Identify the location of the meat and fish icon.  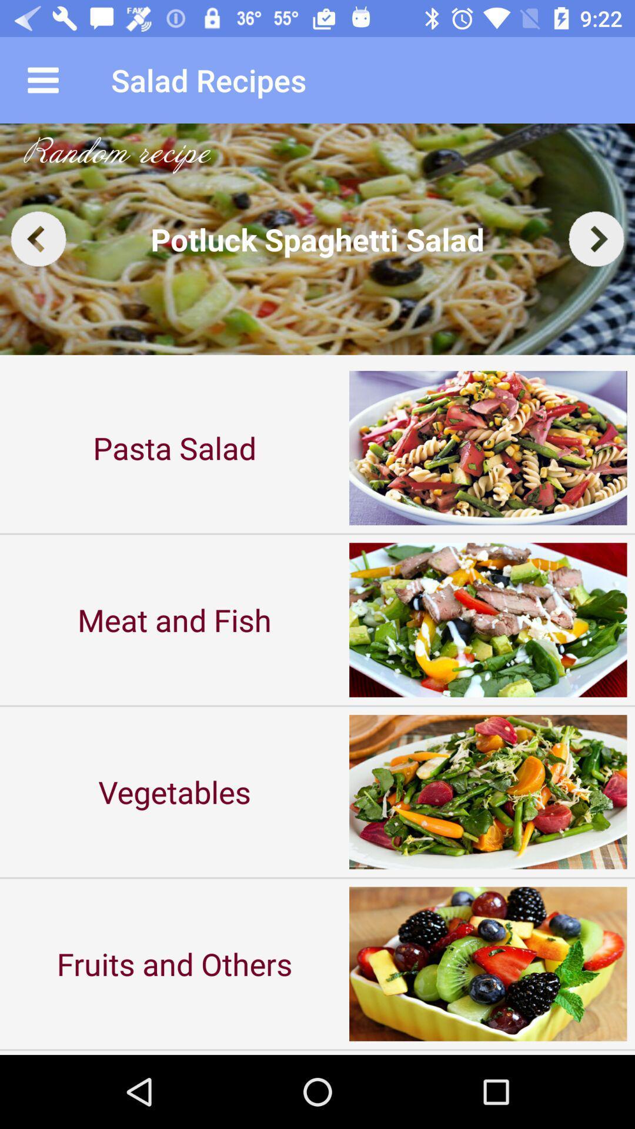
(175, 619).